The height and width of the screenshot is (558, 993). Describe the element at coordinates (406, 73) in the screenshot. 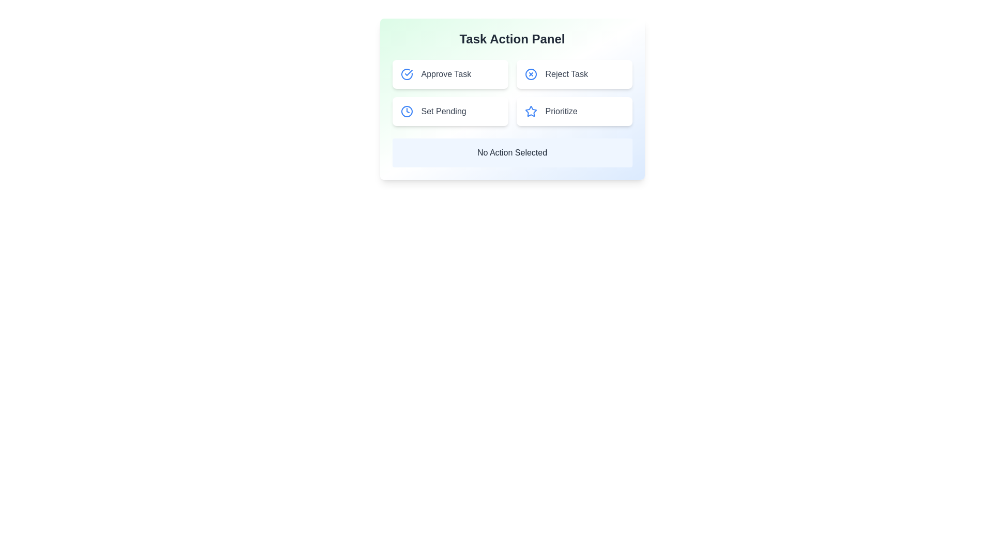

I see `the approval icon that visually represents the 'Approve Task' action, located to the left of the 'Approve Task' text label in the Task Action Panel` at that location.